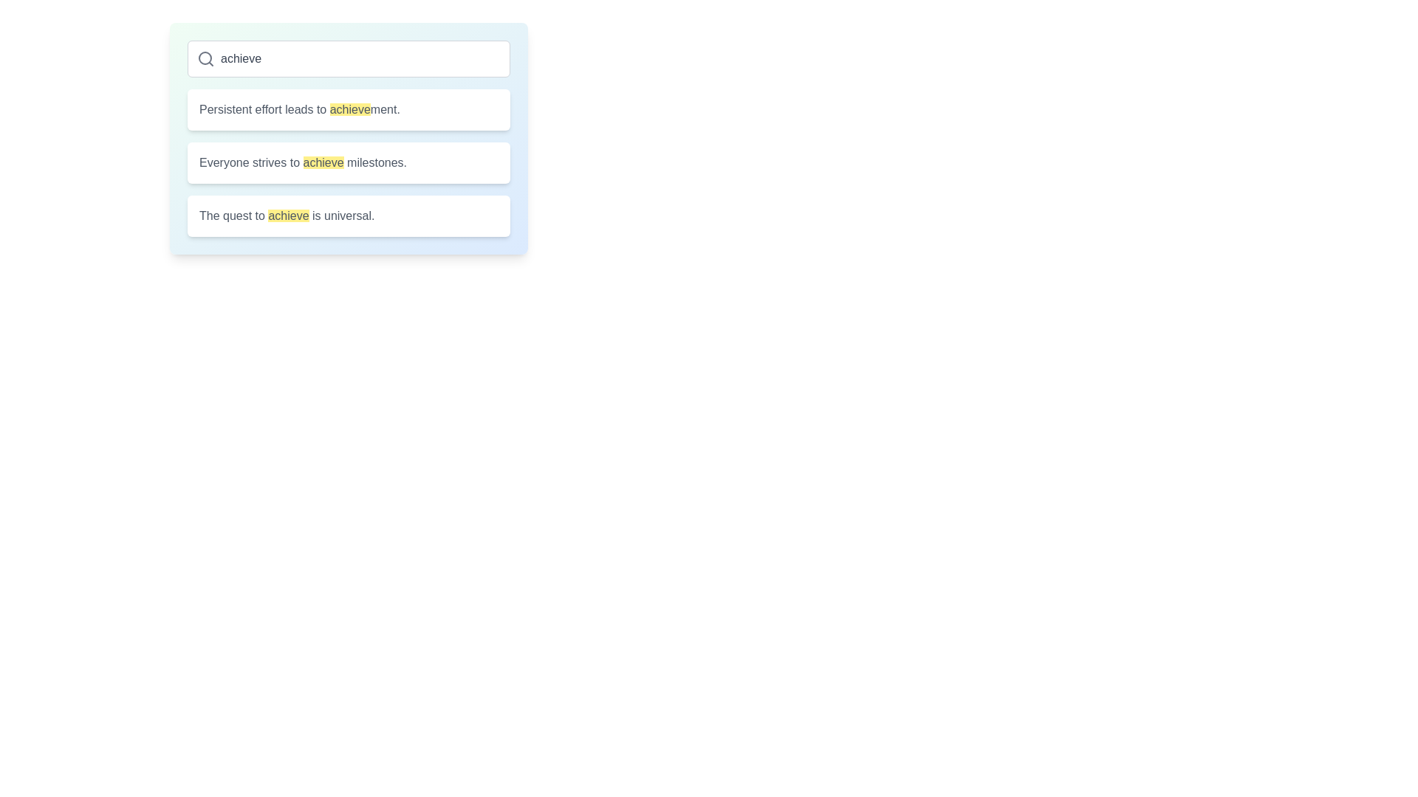  What do you see at coordinates (287, 216) in the screenshot?
I see `the text label displaying 'The quest to achieve is universal.' with 'achieve' highlighted in yellow, which is the third item in the vertical list of suggestions below the search field` at bounding box center [287, 216].